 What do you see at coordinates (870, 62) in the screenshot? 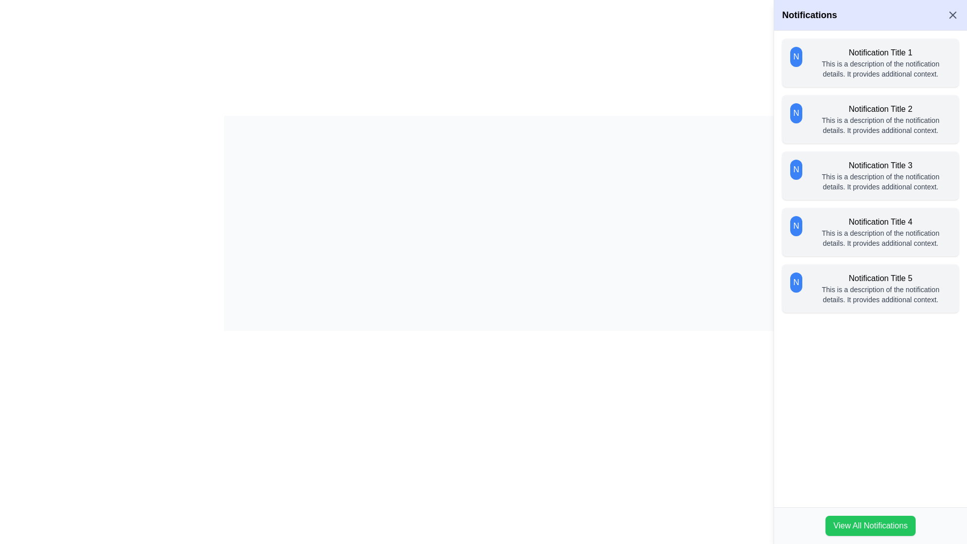
I see `the first notification card in the notification pane, which has a light gray background, rounded corners, and a circular blue icon with the letter 'N' in white, to focus or open it` at bounding box center [870, 62].